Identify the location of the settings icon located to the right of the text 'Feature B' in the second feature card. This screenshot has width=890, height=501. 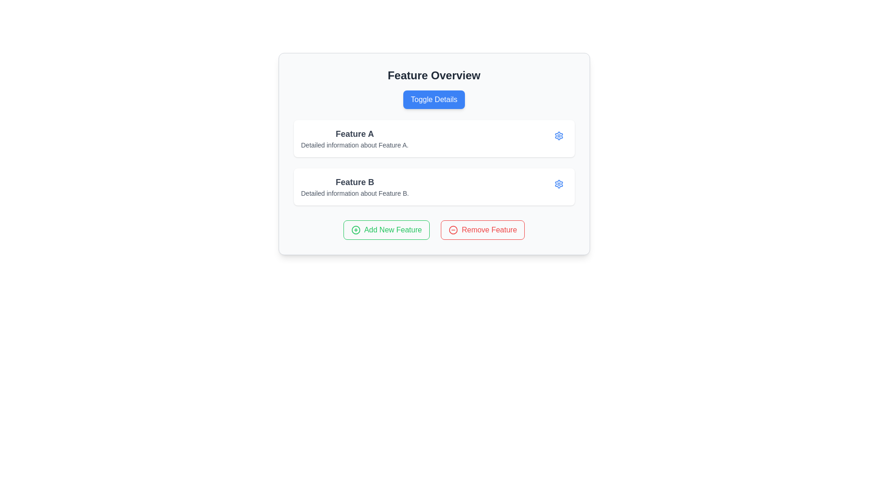
(558, 136).